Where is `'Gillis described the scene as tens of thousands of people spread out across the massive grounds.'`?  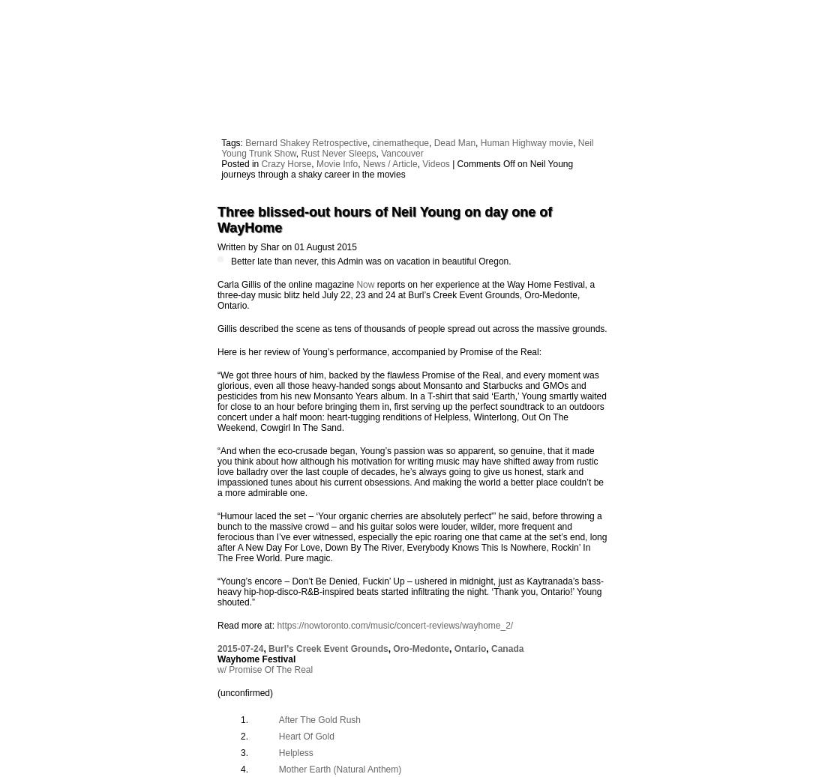 'Gillis described the scene as tens of thousands of people spread out across the massive grounds.' is located at coordinates (412, 327).